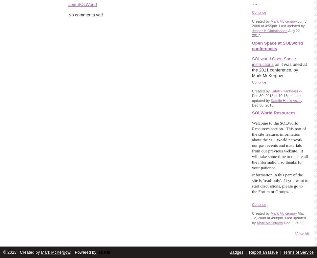 The width and height of the screenshot is (317, 258). Describe the element at coordinates (276, 97) in the screenshot. I see `'Dec 30, 2015 at 10:18pm. Last updated by'` at that location.